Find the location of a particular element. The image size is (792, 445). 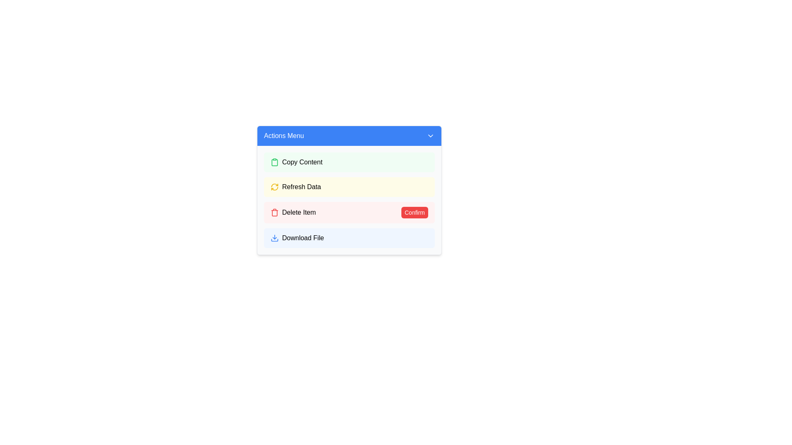

the confirmation button for the 'Delete Item' action located in the third interactive action within the 'Actions Menu' dropdown, adjacent to the 'Delete Item' text in the red-highlighted row is located at coordinates (415, 212).